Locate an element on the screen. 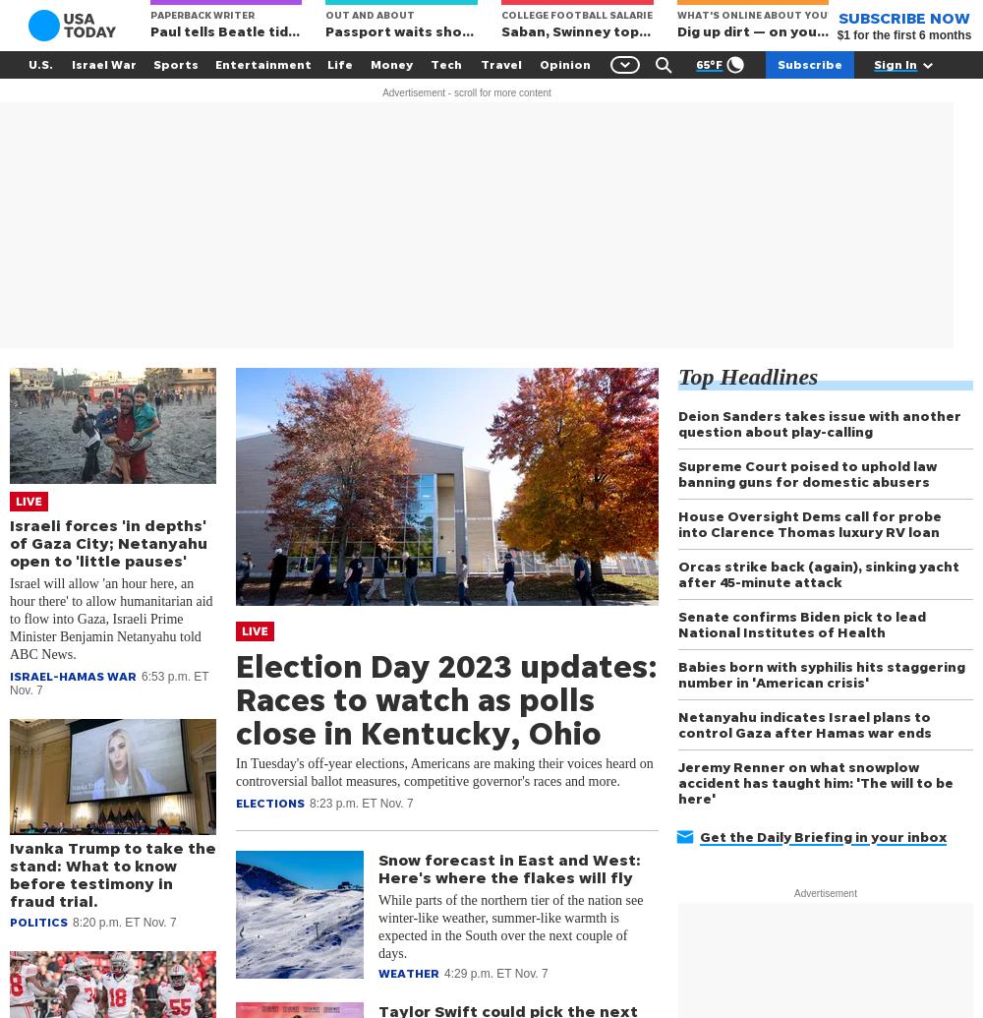 The image size is (983, 1018). 'Saban, Swinney top list' is located at coordinates (501, 30).